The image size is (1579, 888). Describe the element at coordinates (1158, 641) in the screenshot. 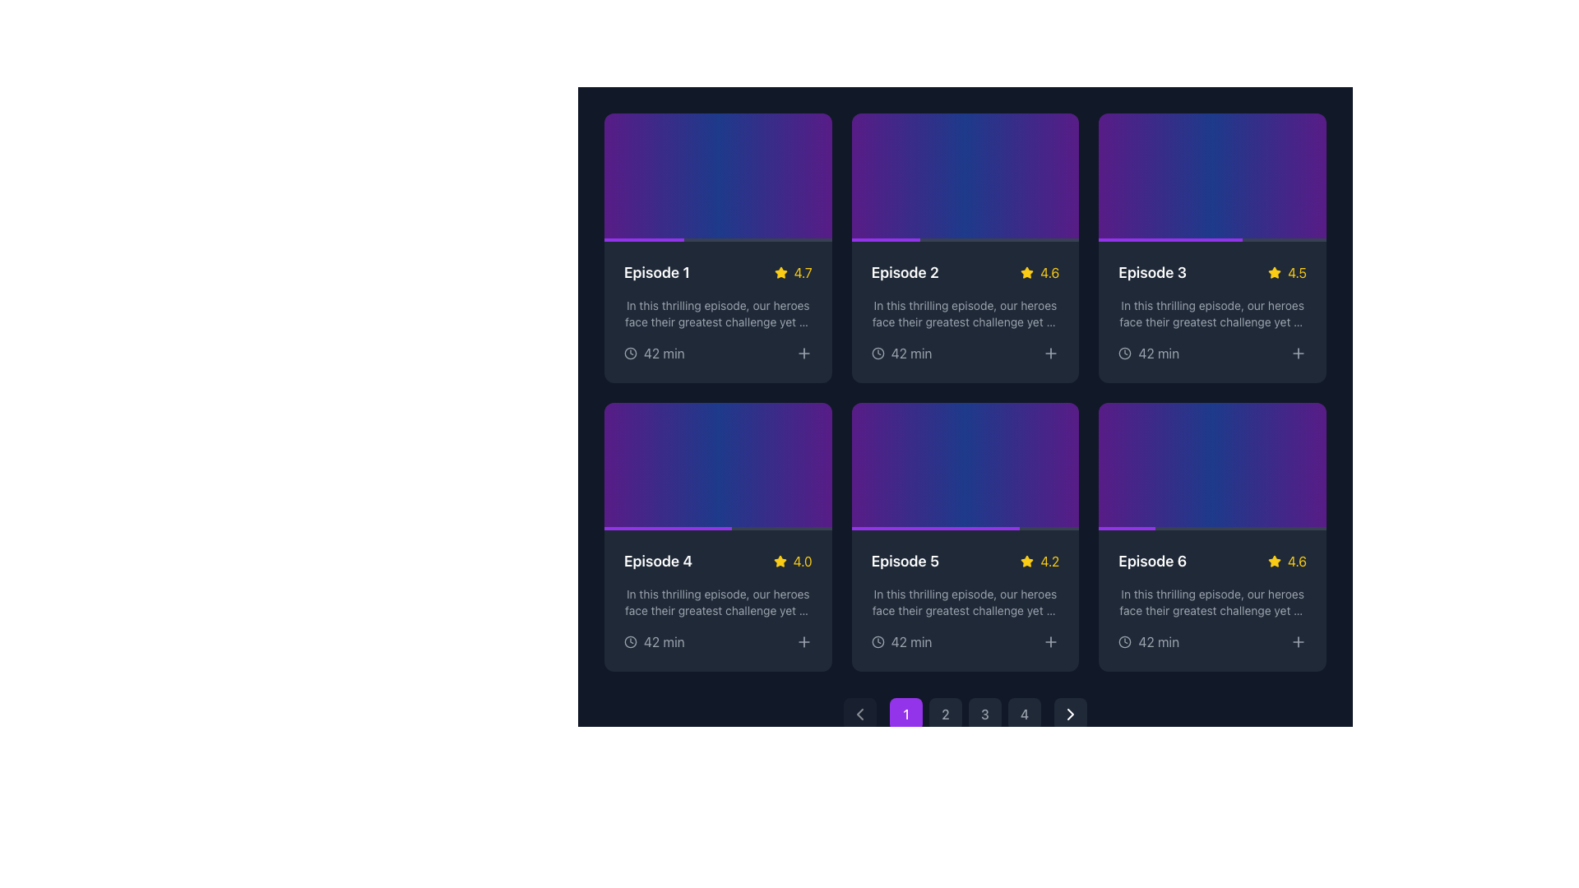

I see `the static text label displaying '42 min', which is located next to a clock icon within the 'Episode 6' card in the bottom-right corner of the interface` at that location.